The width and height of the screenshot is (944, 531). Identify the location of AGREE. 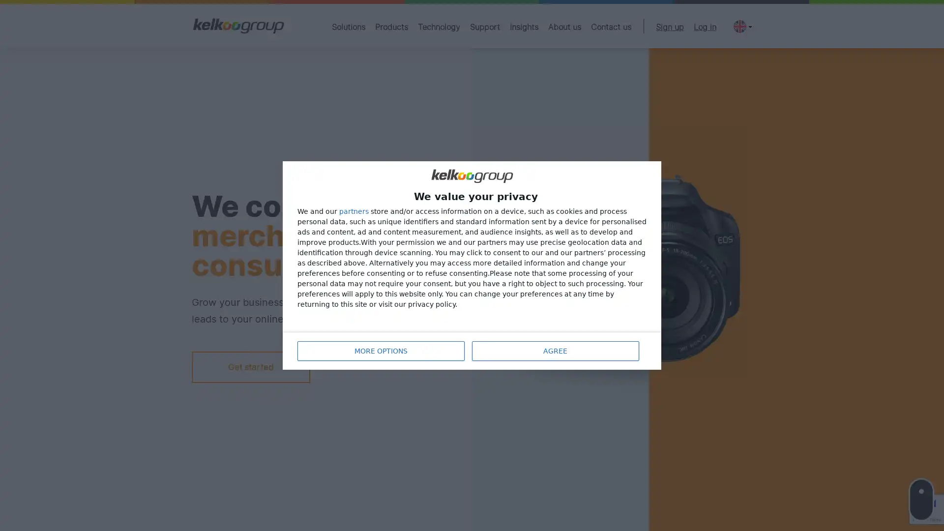
(555, 350).